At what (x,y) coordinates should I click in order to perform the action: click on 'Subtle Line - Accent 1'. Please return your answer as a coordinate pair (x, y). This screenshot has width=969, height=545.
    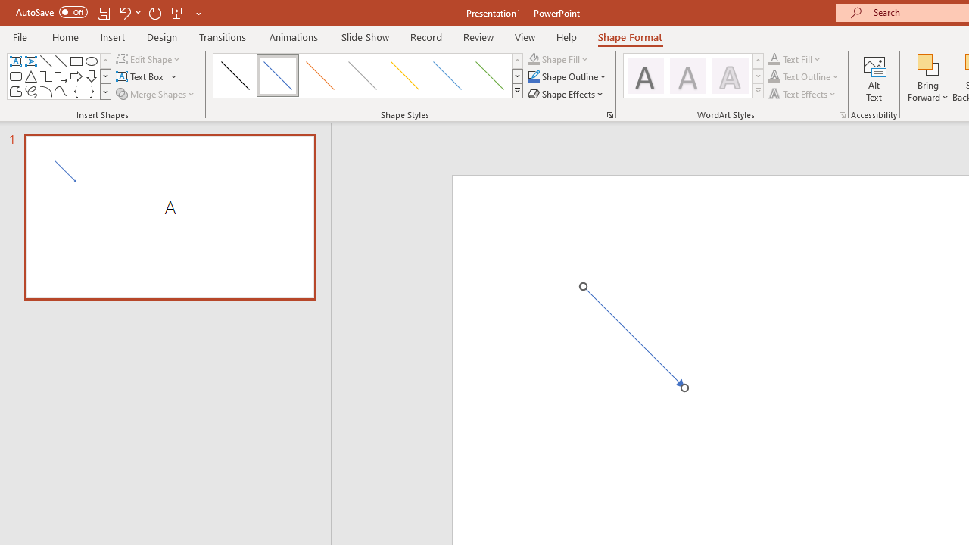
    Looking at the image, I should click on (278, 76).